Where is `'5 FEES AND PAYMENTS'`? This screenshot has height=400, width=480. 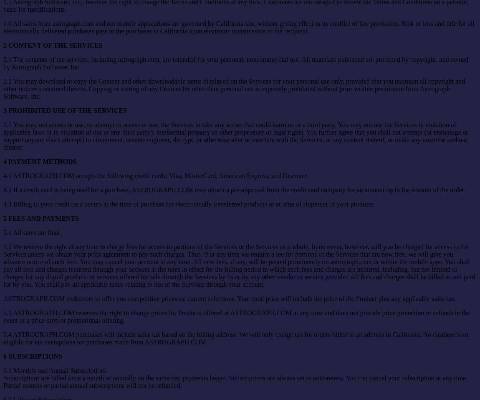 '5 FEES AND PAYMENTS' is located at coordinates (40, 218).